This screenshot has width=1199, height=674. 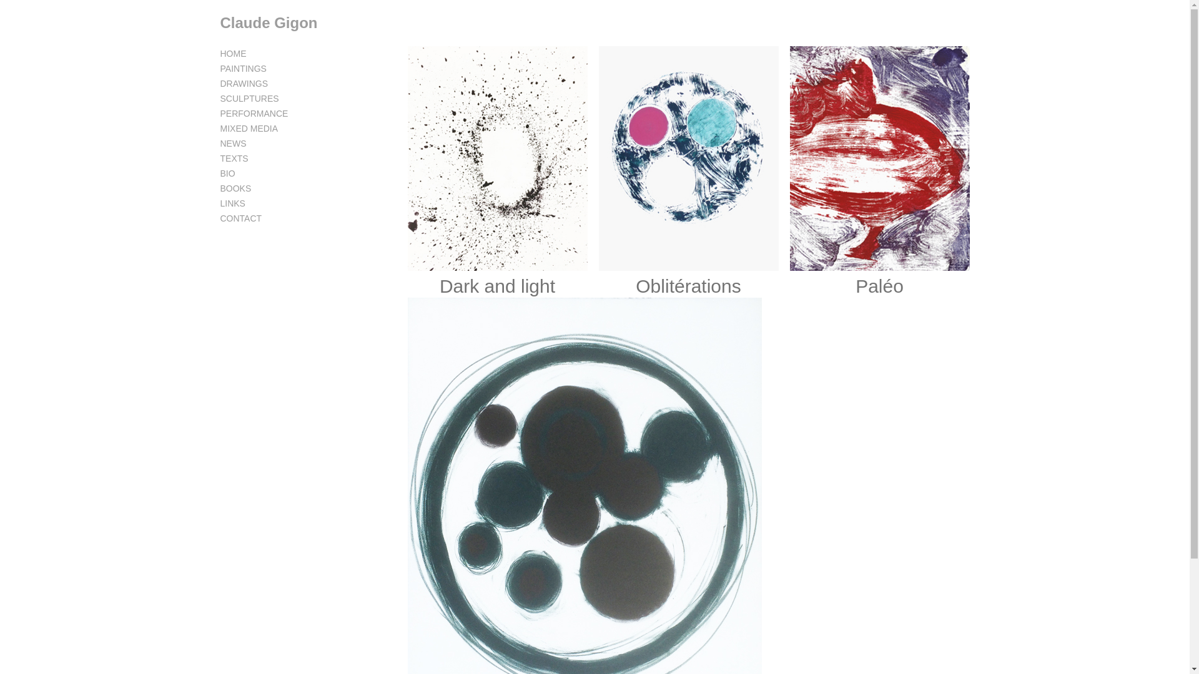 I want to click on 'PERFORMANCE', so click(x=219, y=113).